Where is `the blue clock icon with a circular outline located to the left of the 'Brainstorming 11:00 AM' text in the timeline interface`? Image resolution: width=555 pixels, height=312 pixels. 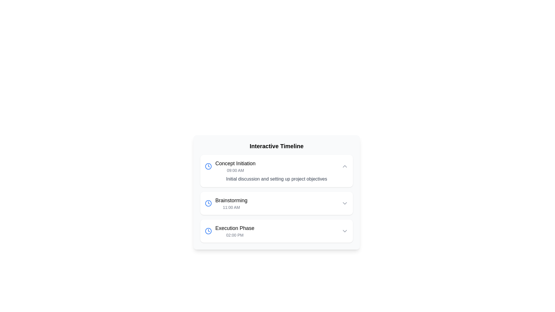
the blue clock icon with a circular outline located to the left of the 'Brainstorming 11:00 AM' text in the timeline interface is located at coordinates (208, 203).